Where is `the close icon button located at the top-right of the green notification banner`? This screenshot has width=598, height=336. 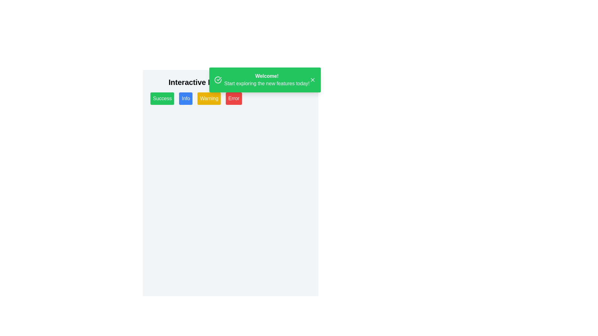
the close icon button located at the top-right of the green notification banner is located at coordinates (312, 80).